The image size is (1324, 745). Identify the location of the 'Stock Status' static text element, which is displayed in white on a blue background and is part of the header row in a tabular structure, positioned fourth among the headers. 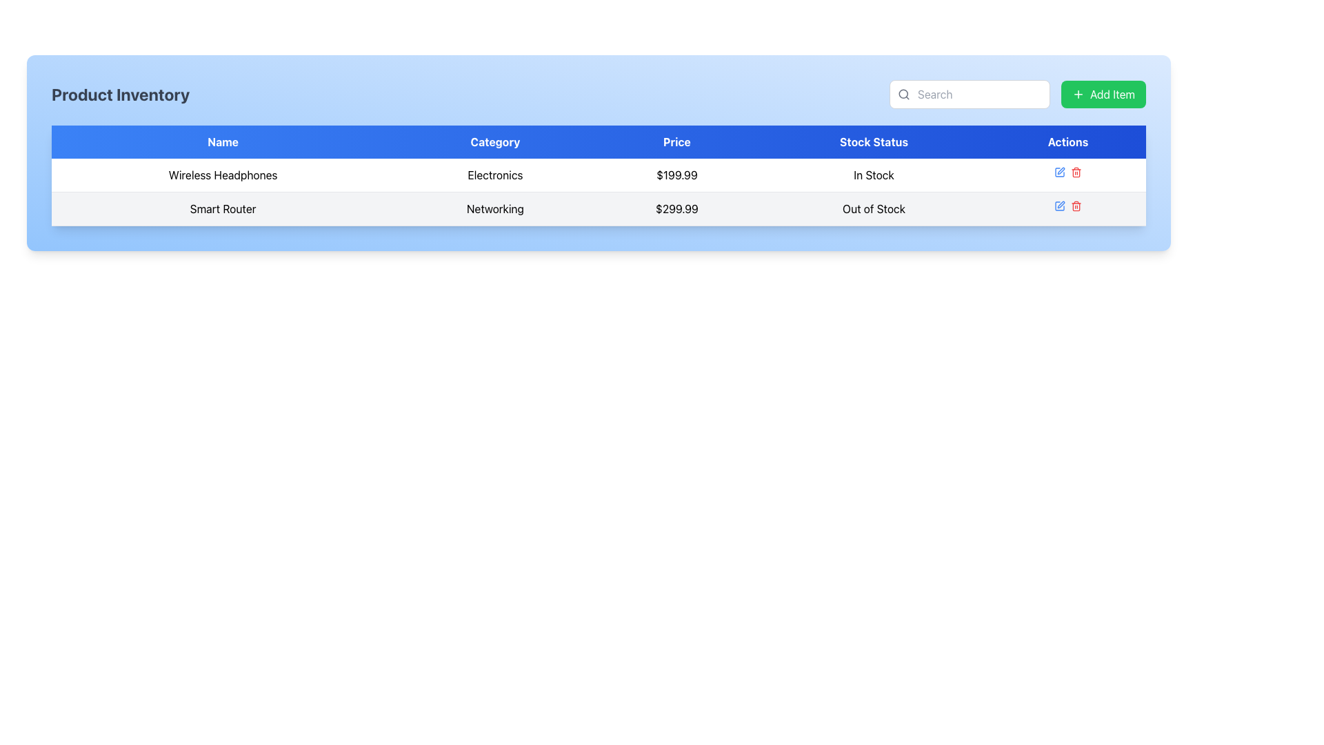
(873, 141).